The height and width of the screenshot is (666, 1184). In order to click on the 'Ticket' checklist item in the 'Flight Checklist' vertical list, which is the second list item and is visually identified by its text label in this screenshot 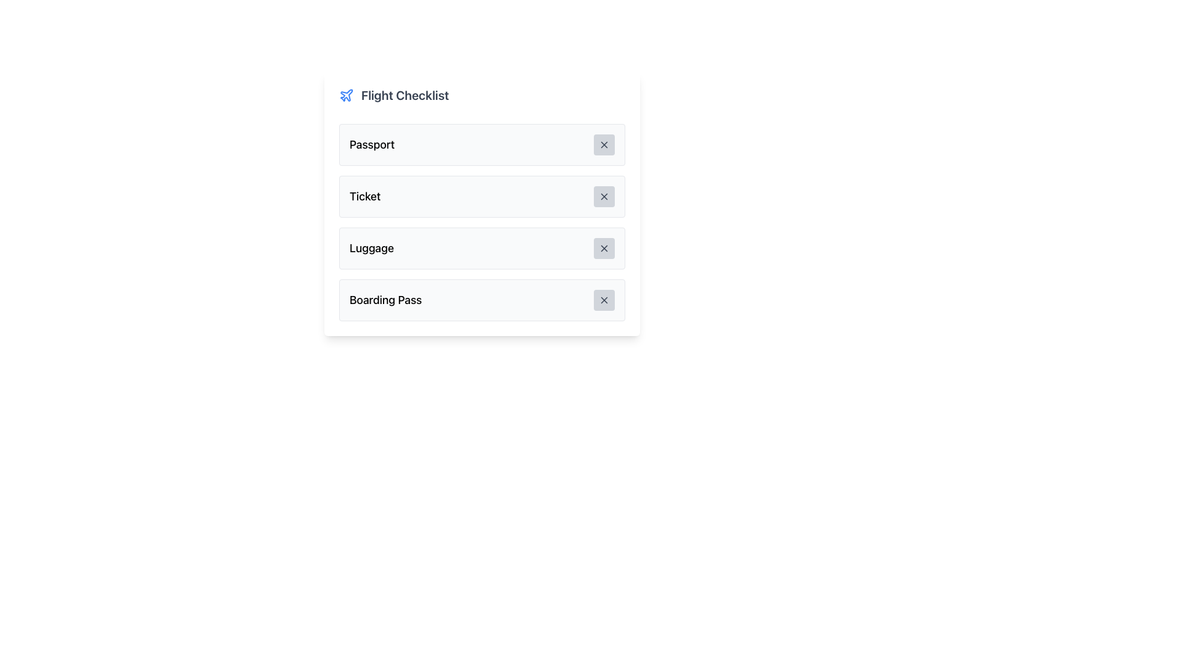, I will do `click(364, 196)`.